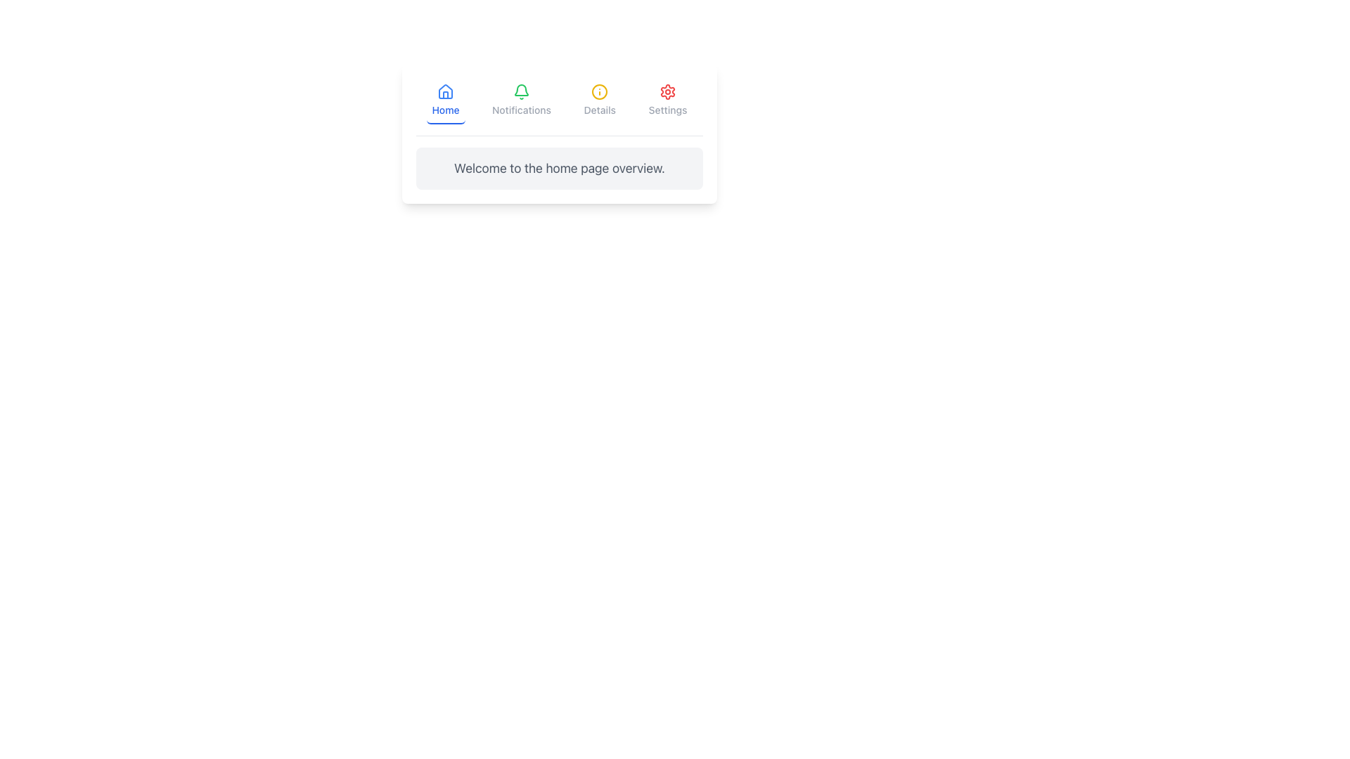  Describe the element at coordinates (559, 167) in the screenshot. I see `the rectangular text box with rounded corners and a light gray background that displays the text 'Welcome to the home page overview.'` at that location.